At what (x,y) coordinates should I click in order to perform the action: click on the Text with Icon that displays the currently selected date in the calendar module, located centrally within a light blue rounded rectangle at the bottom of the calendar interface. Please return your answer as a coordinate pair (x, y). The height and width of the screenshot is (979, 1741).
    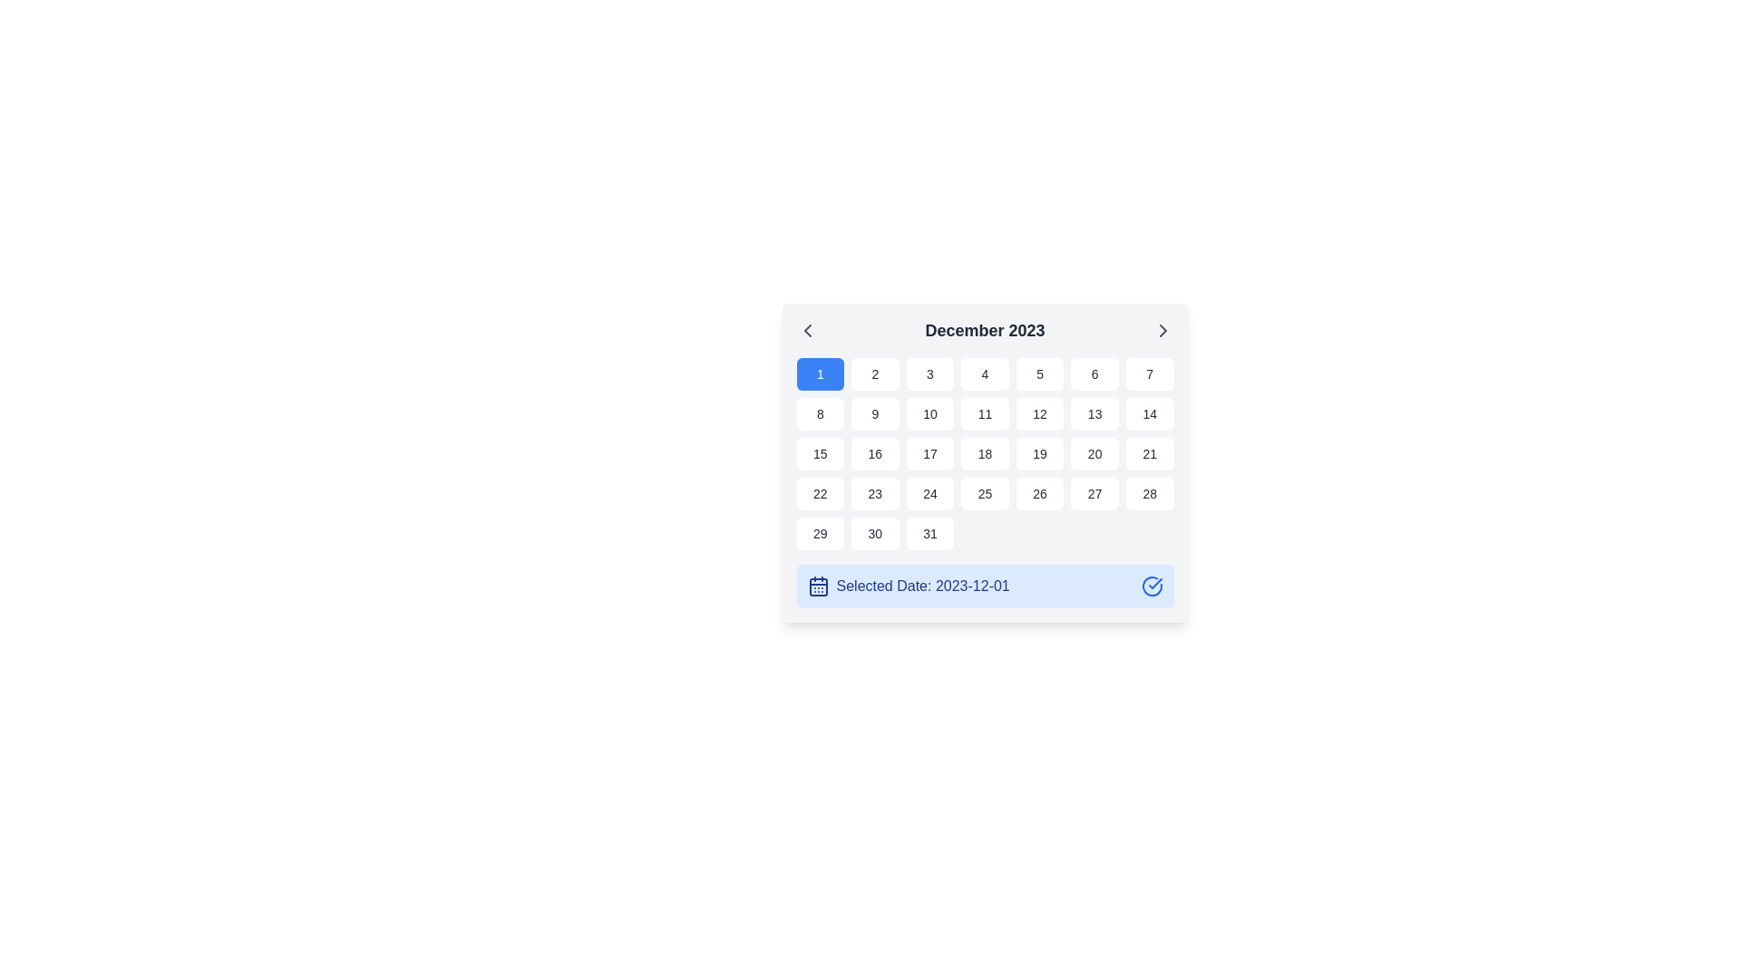
    Looking at the image, I should click on (909, 586).